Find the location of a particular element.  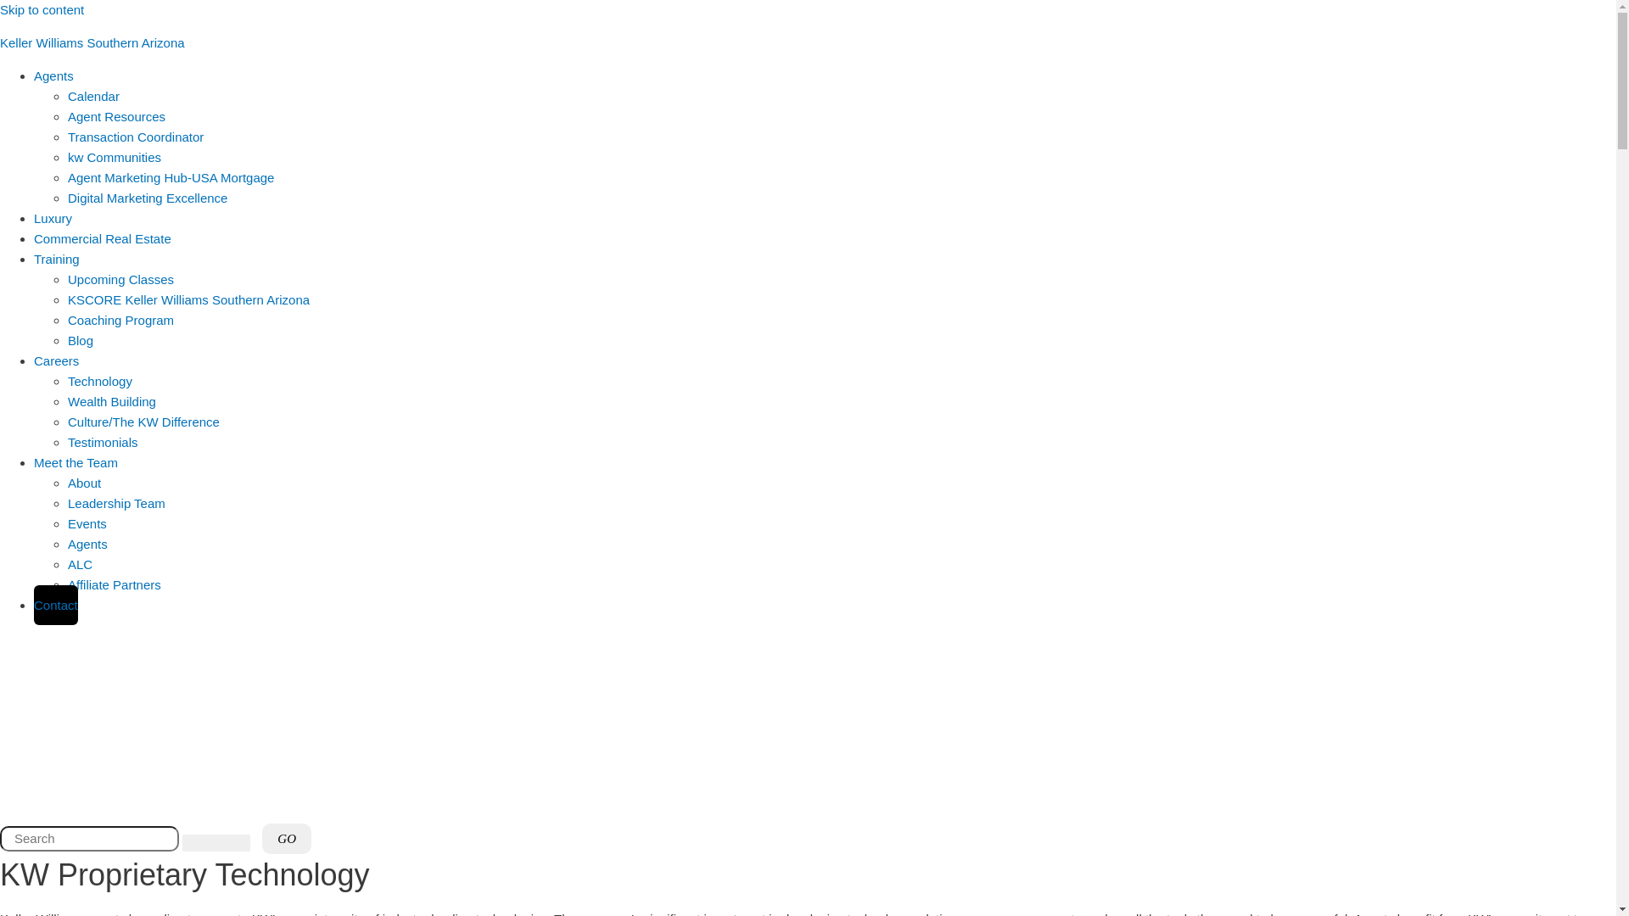

'Upcoming Classes' is located at coordinates (120, 278).